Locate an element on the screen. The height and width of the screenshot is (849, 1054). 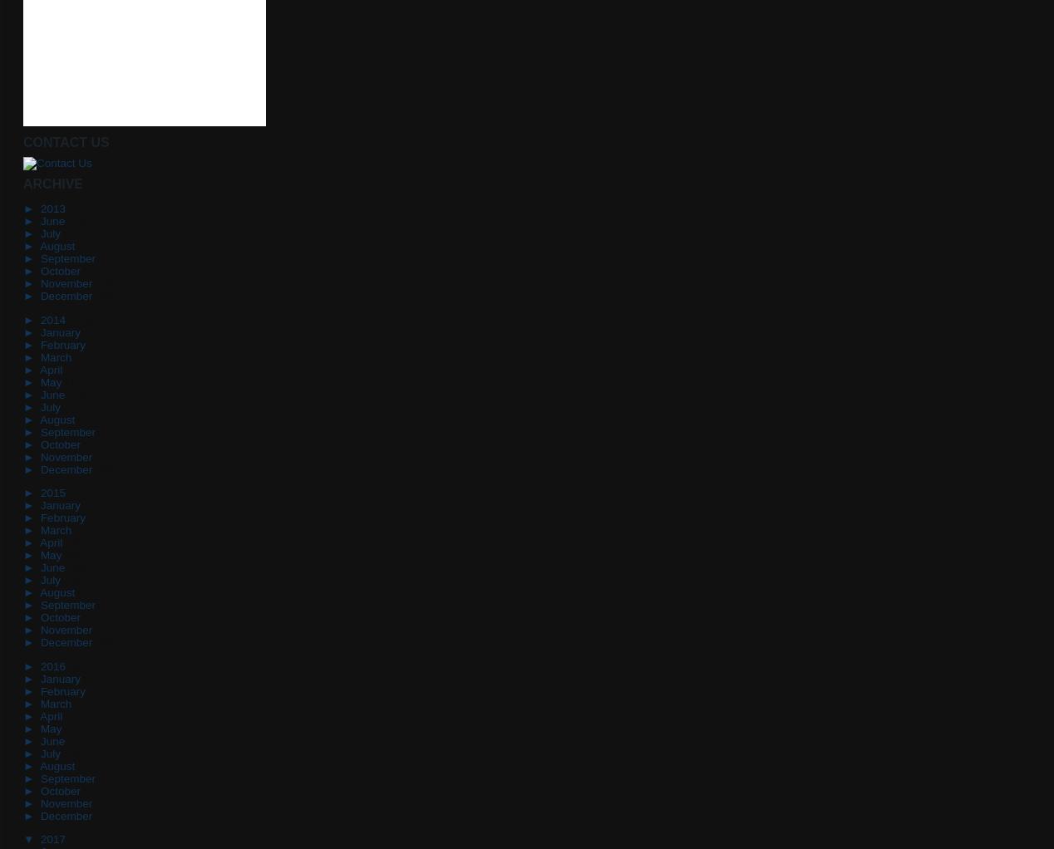
'(11)' is located at coordinates (63, 380).